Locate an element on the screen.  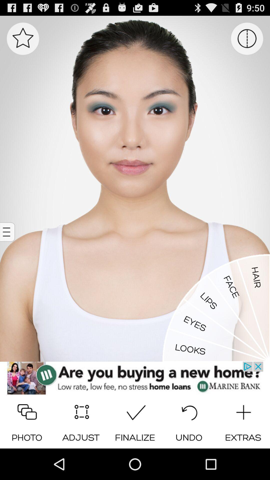
the symbol above finalize is located at coordinates (135, 410).